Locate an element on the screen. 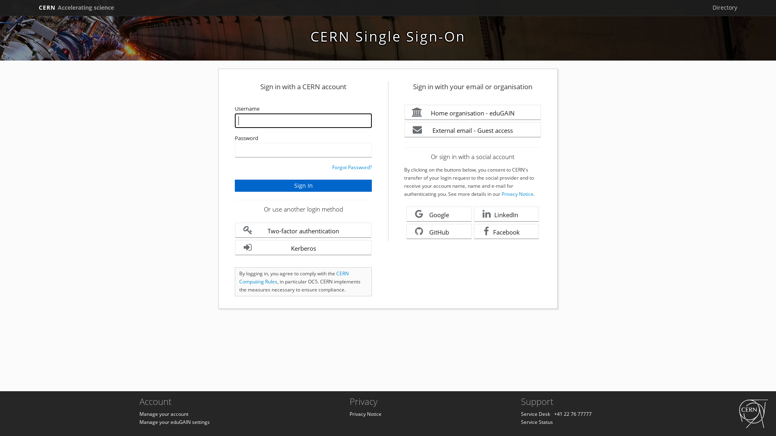 The image size is (776, 436). 'Forgot Password?' is located at coordinates (332, 167).